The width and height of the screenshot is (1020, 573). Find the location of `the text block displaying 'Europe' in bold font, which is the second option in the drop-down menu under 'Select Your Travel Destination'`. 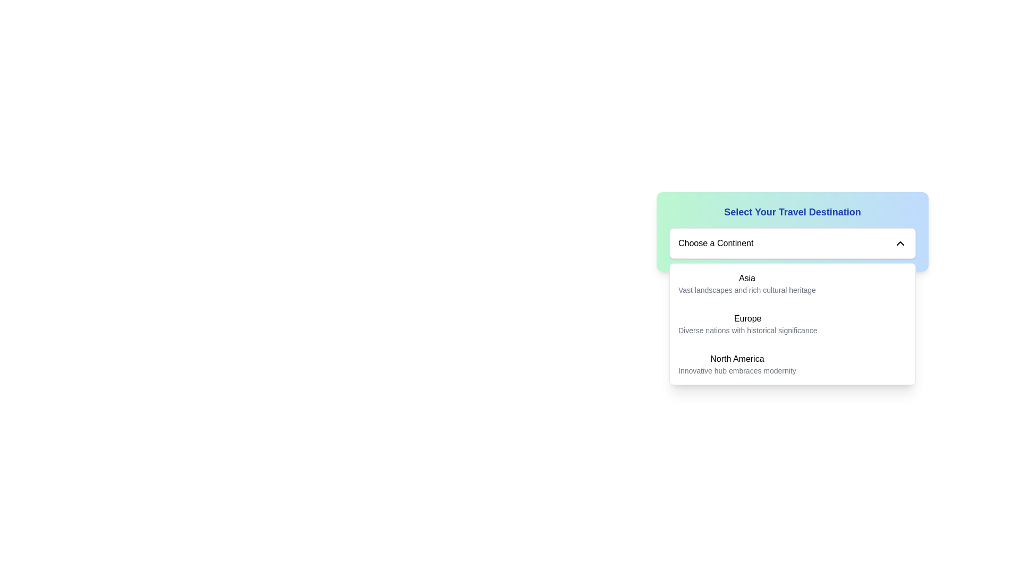

the text block displaying 'Europe' in bold font, which is the second option in the drop-down menu under 'Select Your Travel Destination' is located at coordinates (747, 323).